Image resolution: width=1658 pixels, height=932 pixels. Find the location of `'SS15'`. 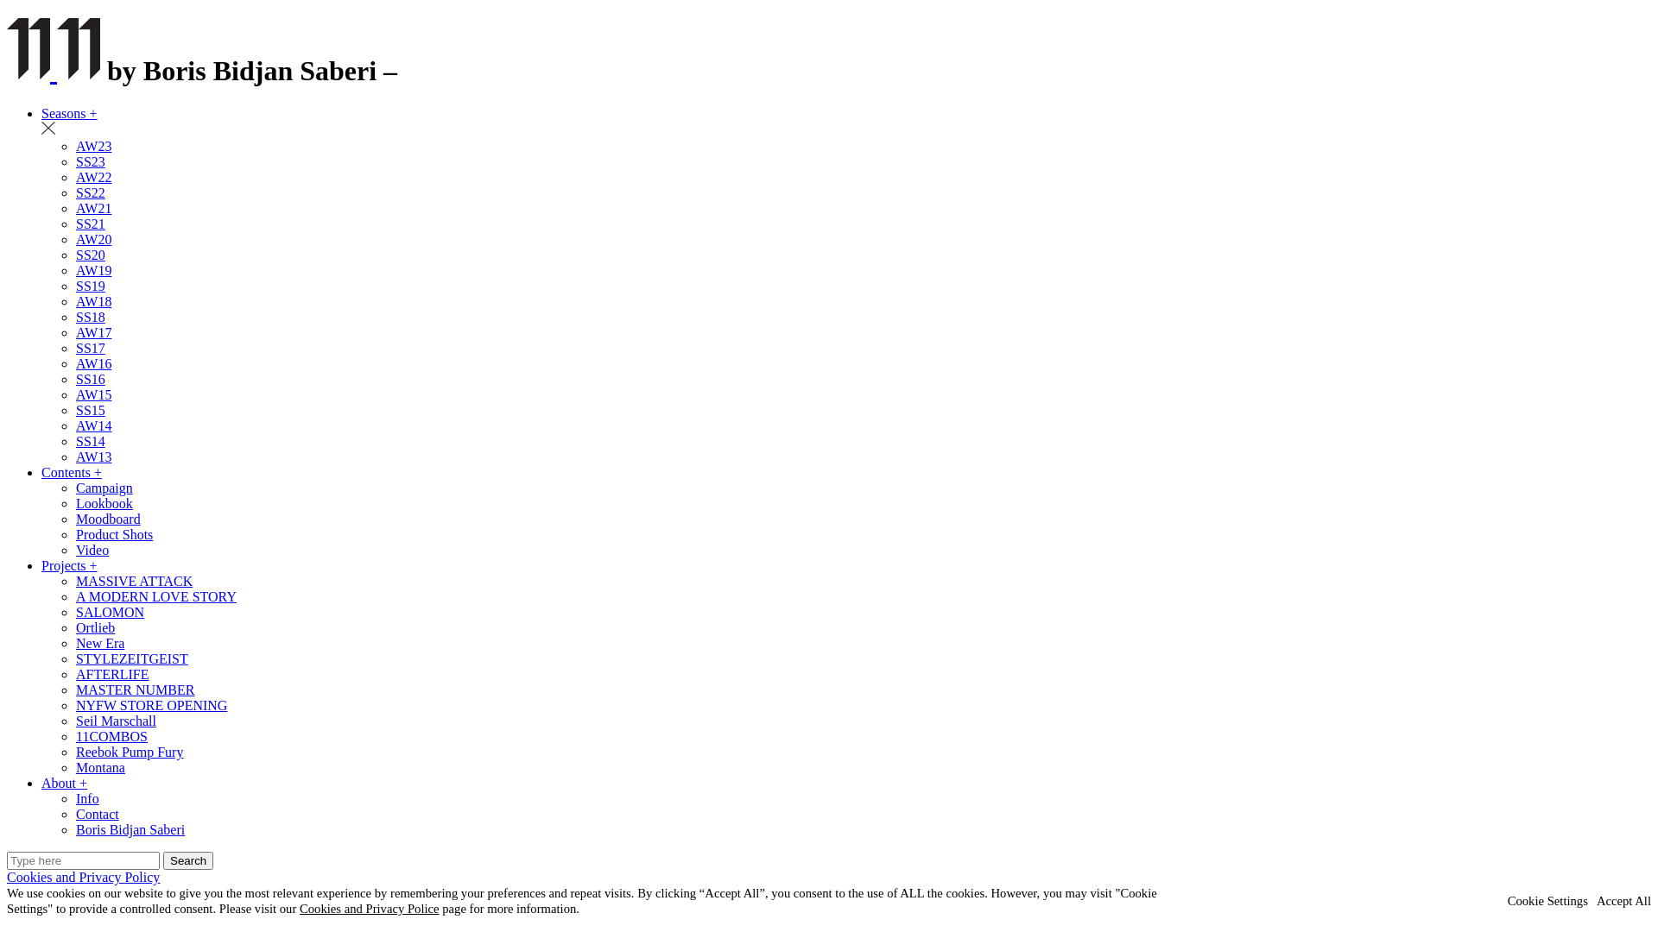

'SS15' is located at coordinates (90, 410).